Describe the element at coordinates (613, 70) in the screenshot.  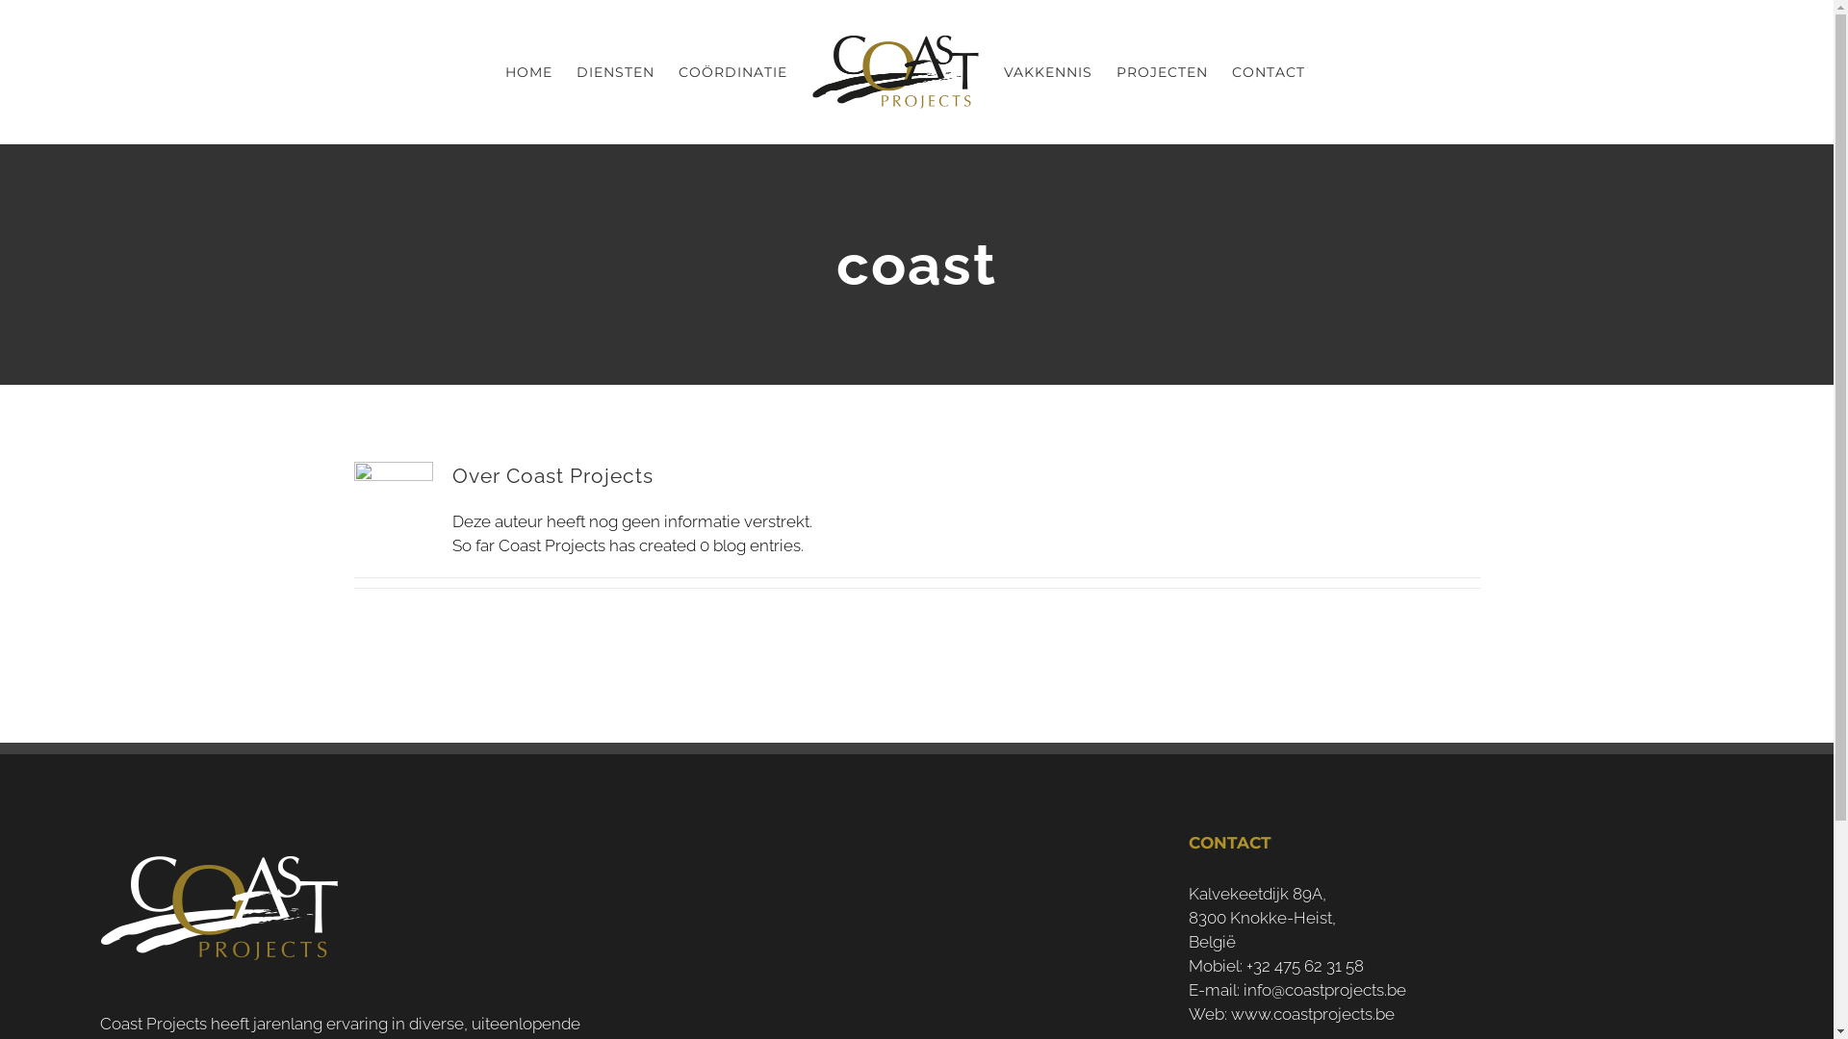
I see `'DIENSTEN'` at that location.